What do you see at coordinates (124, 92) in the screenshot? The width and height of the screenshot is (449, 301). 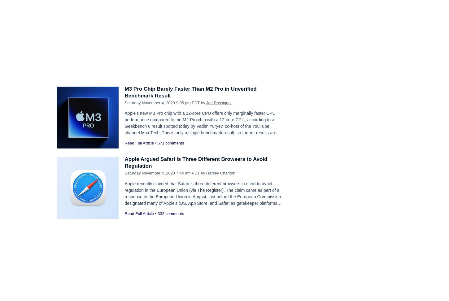 I see `'M3 Pro Chip Barely Faster Than M2 Pro in Unverified Benchmark Result'` at bounding box center [124, 92].